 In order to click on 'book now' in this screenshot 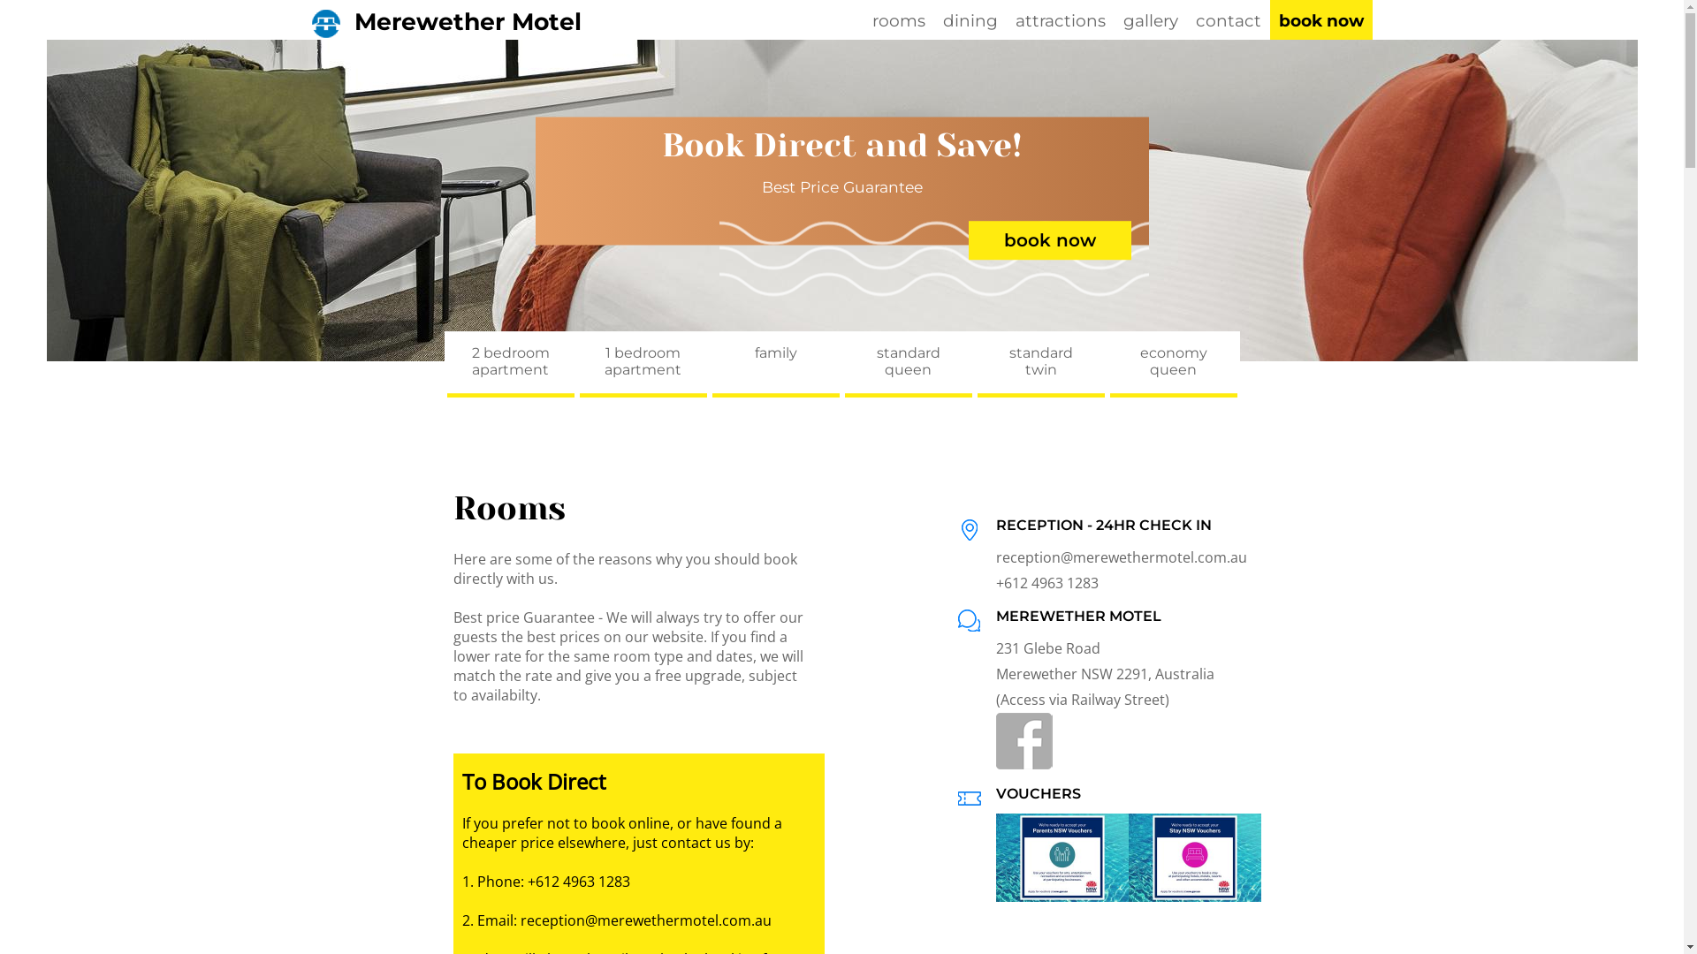, I will do `click(1320, 20)`.